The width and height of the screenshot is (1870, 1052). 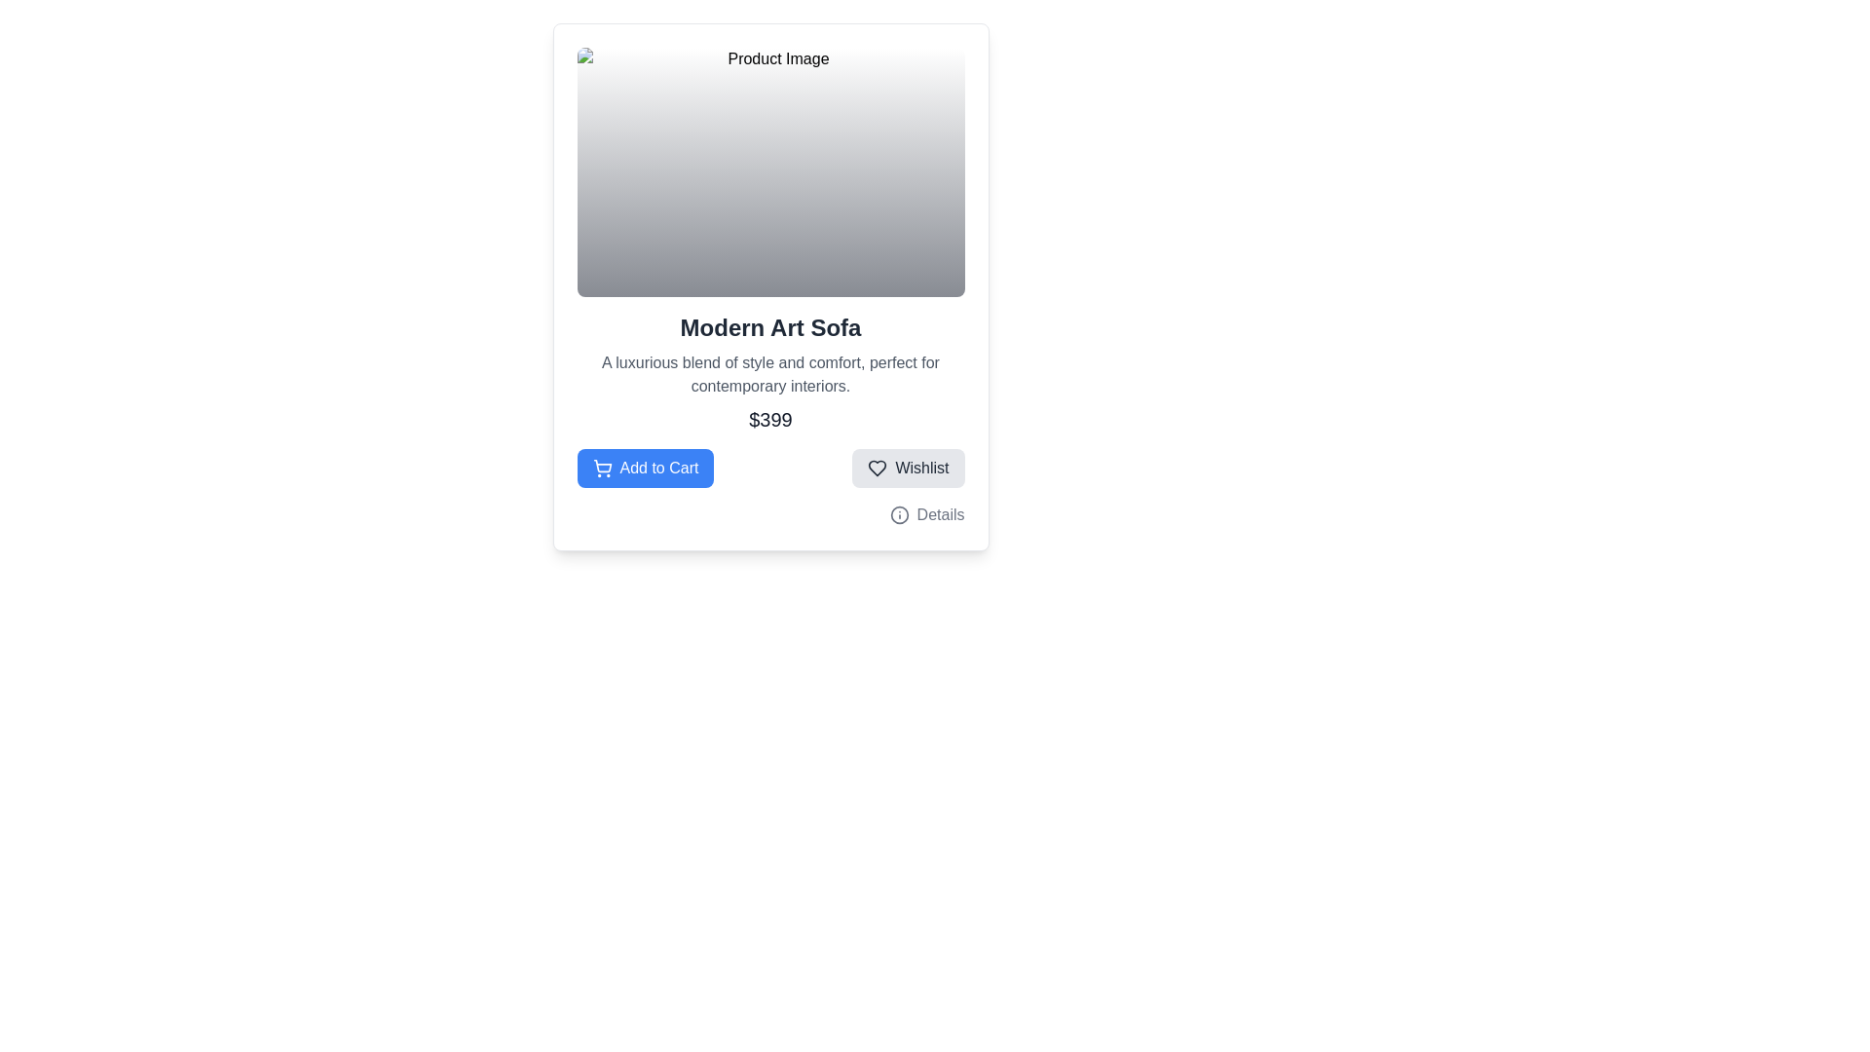 I want to click on the 'Wishlist' button, which is a rounded rectangle with a light gray background and dark gray text, located in the lower-right section of the product card layout, so click(x=907, y=469).